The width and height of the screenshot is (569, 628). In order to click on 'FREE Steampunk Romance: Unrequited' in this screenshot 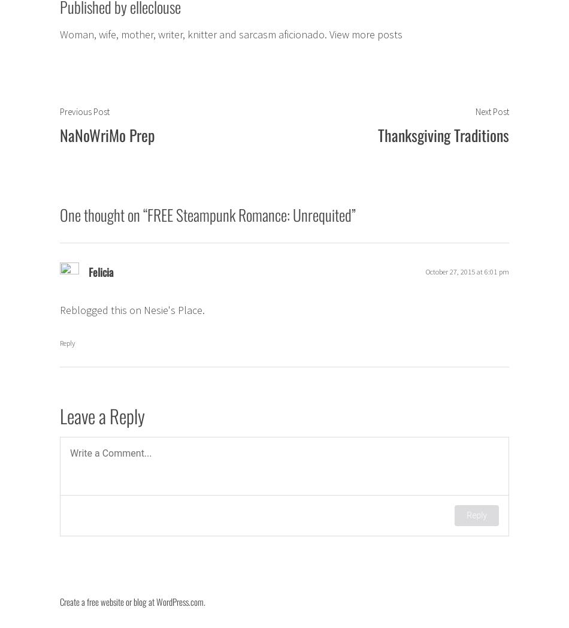, I will do `click(146, 213)`.